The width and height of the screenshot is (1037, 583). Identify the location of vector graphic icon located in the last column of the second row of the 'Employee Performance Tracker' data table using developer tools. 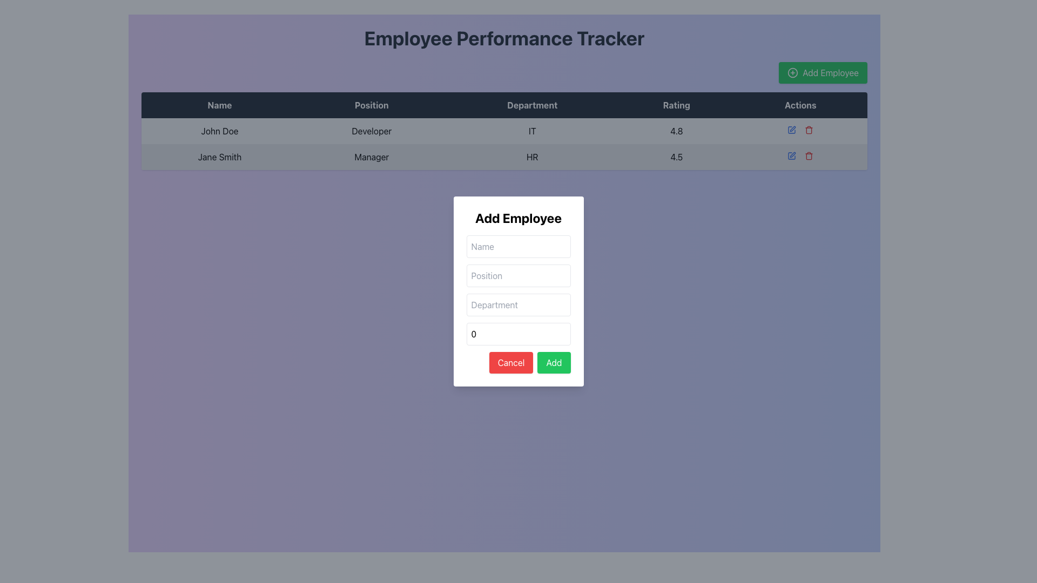
(792, 156).